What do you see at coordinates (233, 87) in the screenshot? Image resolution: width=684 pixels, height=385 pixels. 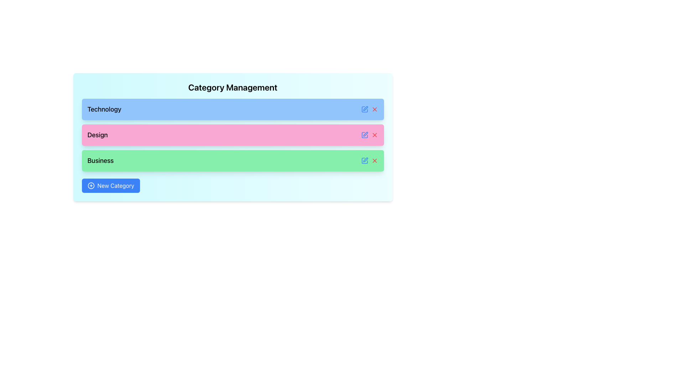 I see `the 'Category Management' text label, which is prominently styled with a large font size and bold formatting, located at the top of a card-like structure with a gradient background` at bounding box center [233, 87].